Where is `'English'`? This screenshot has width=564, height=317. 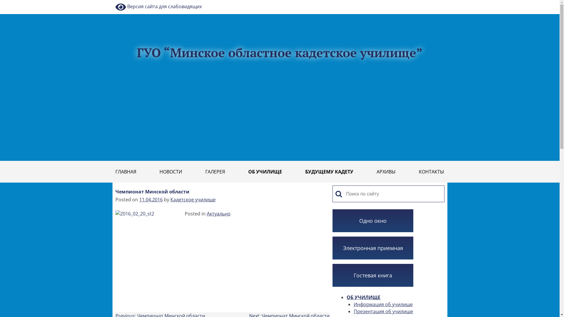 'English' is located at coordinates (434, 3).